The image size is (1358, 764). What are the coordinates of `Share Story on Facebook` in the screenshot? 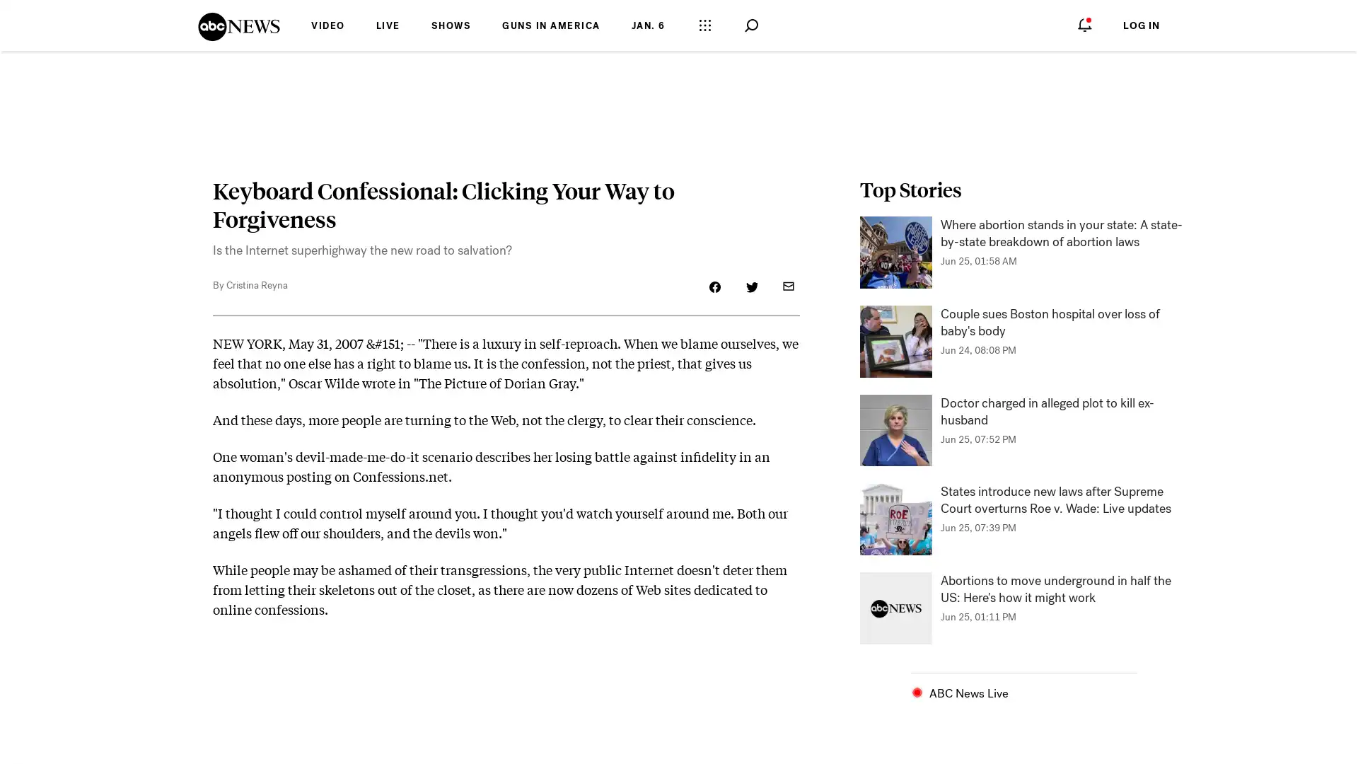 It's located at (715, 286).